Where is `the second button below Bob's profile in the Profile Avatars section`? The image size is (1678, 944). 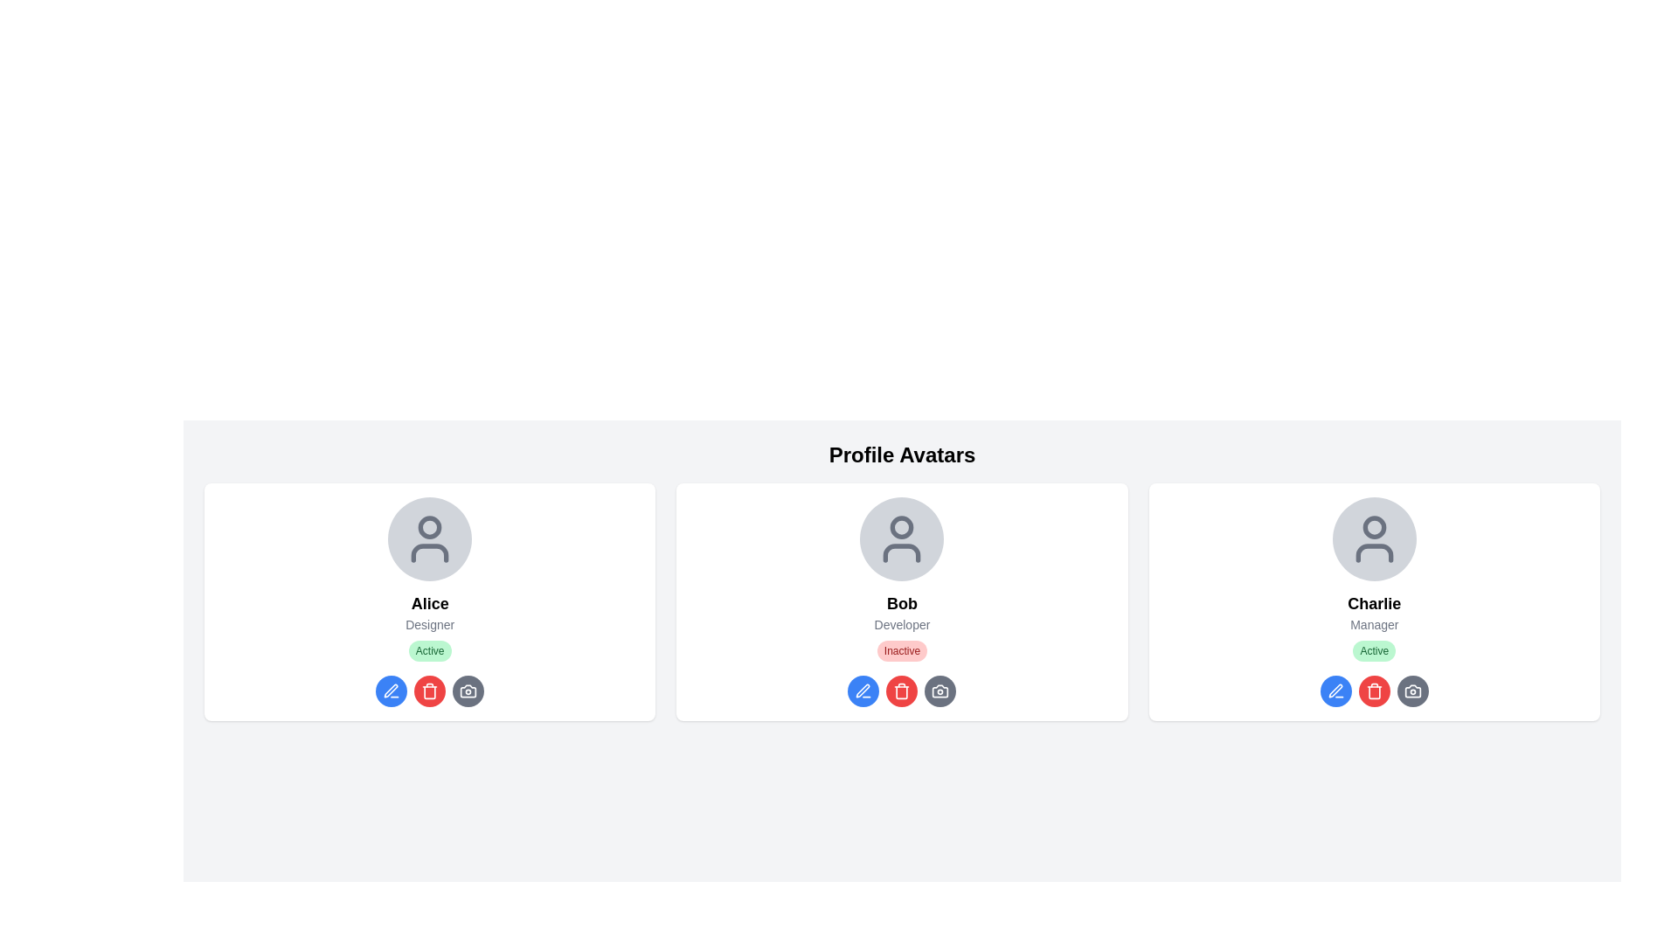 the second button below Bob's profile in the Profile Avatars section is located at coordinates (902, 690).